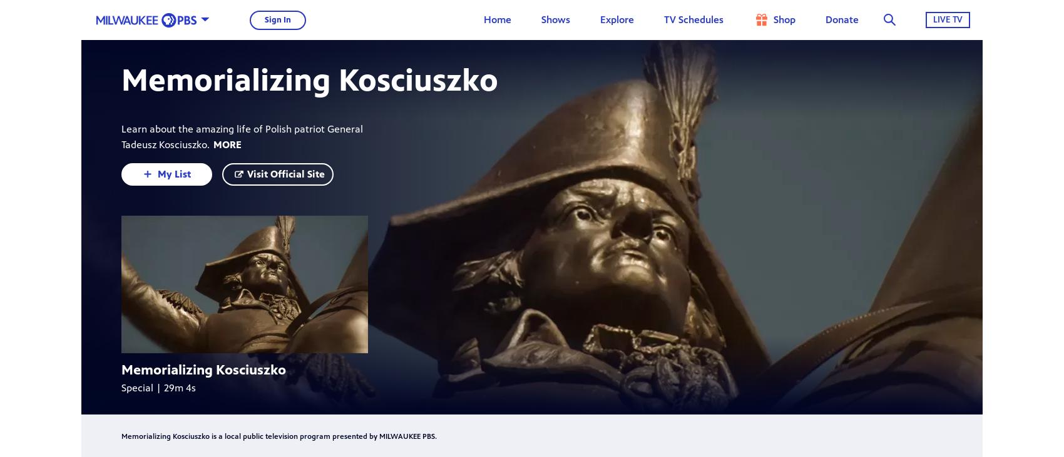  Describe the element at coordinates (632, 136) in the screenshot. I see `'World on Fire on Masterpiece'` at that location.